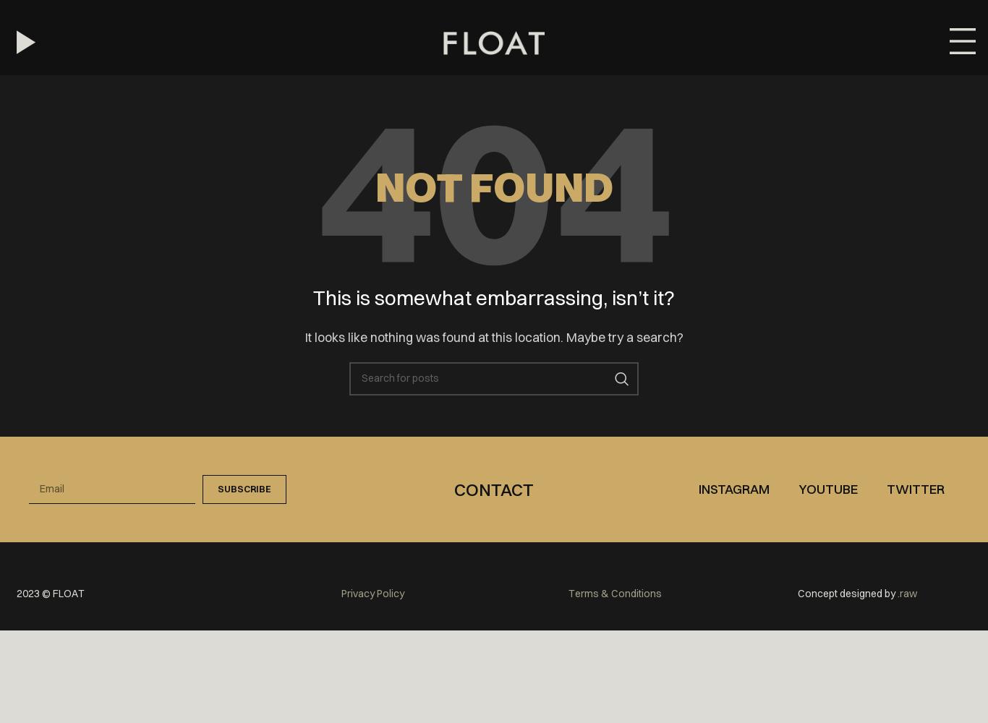  What do you see at coordinates (848, 593) in the screenshot?
I see `'Concept designed by'` at bounding box center [848, 593].